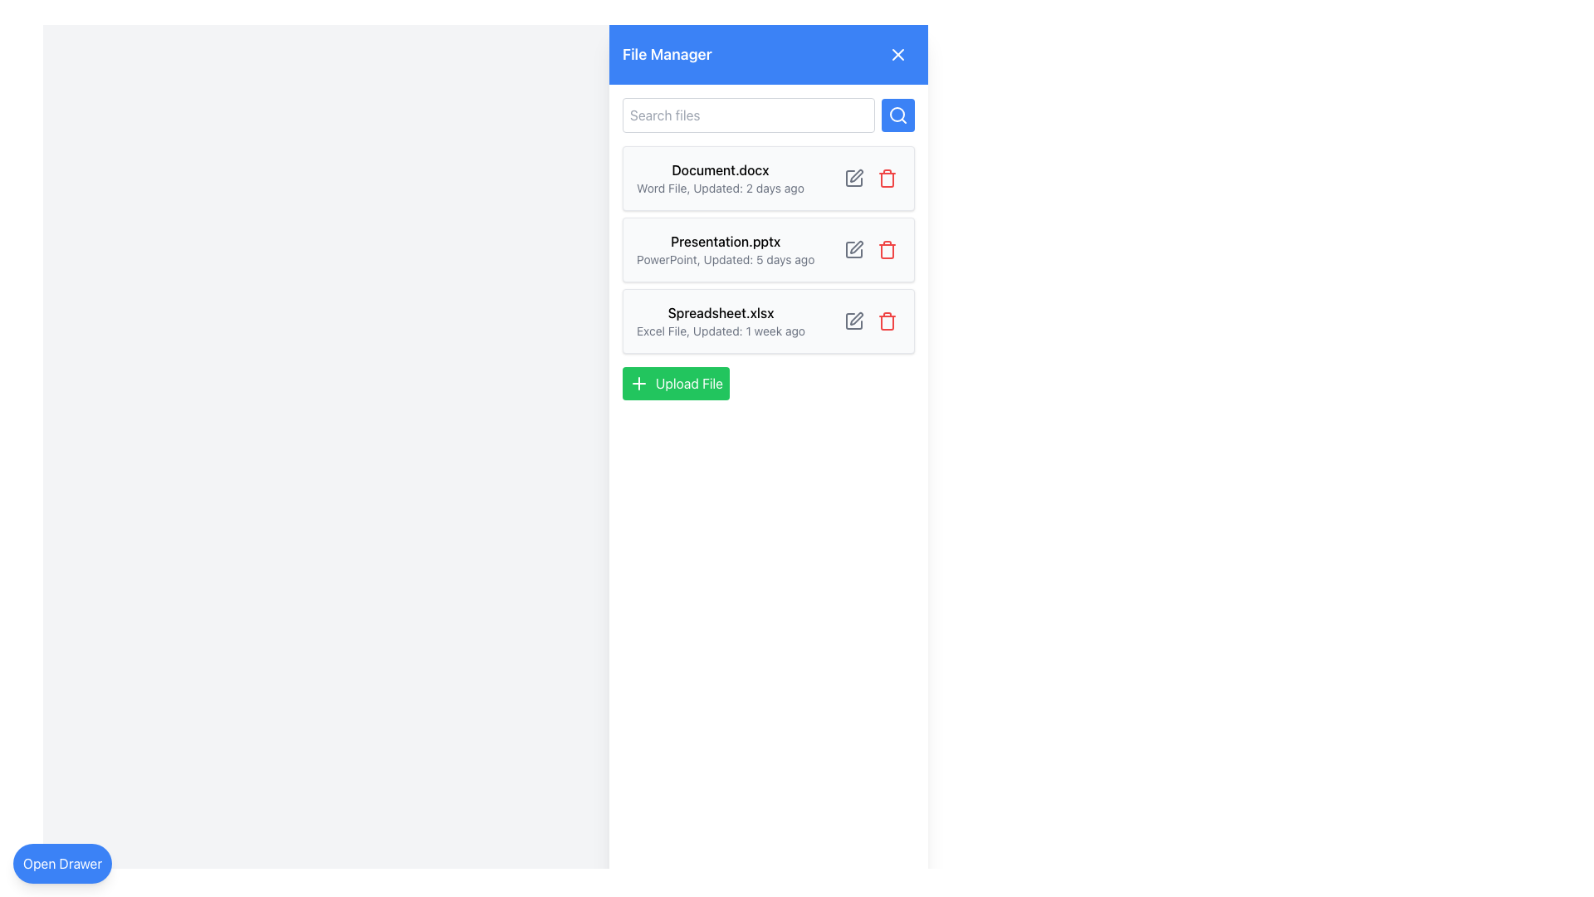  What do you see at coordinates (853, 179) in the screenshot?
I see `the first icon in the action section to the left of the trash icon to initiate the edit action for the 'Document.docx' file` at bounding box center [853, 179].